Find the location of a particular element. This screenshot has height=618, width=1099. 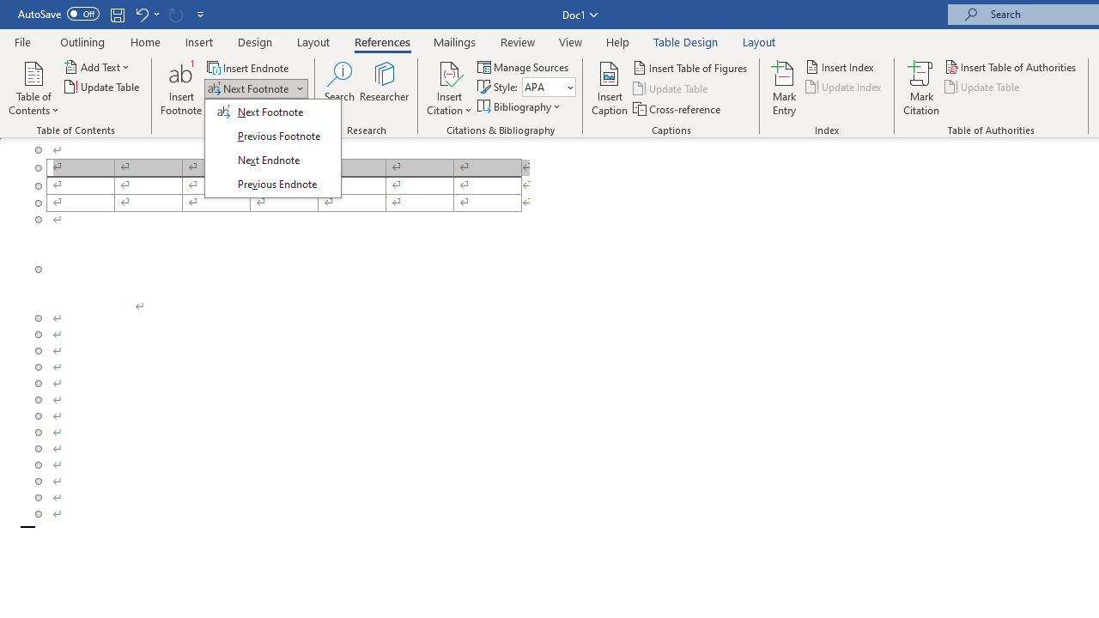

'Next Footnote' is located at coordinates (248, 88).